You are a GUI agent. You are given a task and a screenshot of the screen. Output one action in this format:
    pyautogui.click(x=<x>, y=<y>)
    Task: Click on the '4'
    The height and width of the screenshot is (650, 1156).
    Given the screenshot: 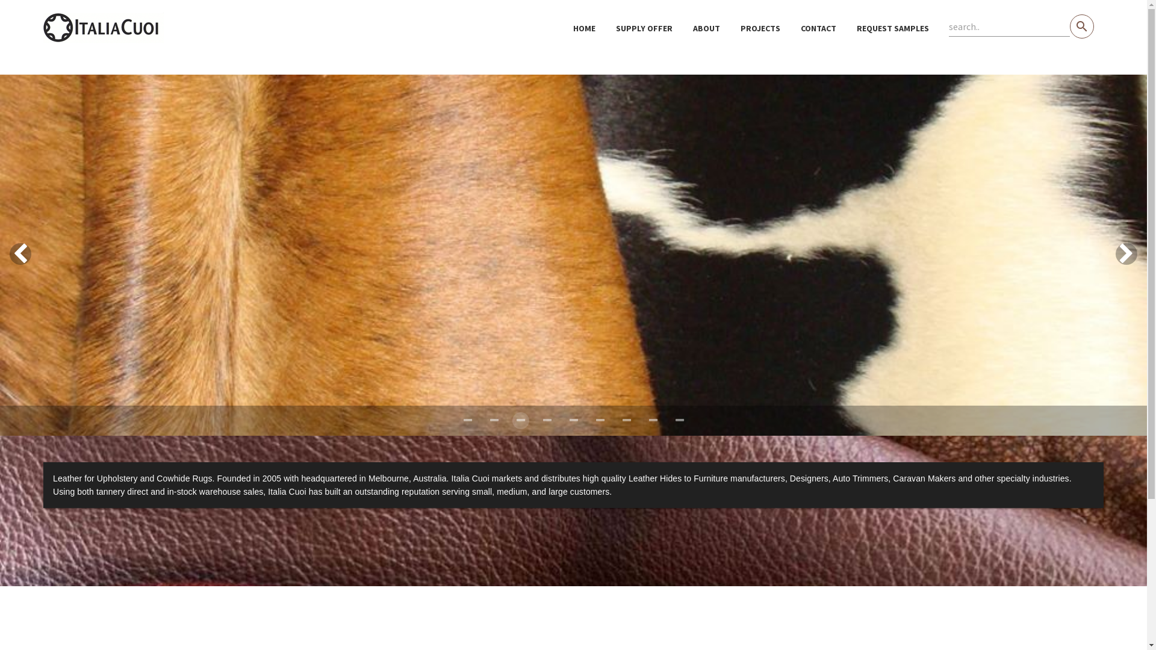 What is the action you would take?
    pyautogui.click(x=564, y=419)
    